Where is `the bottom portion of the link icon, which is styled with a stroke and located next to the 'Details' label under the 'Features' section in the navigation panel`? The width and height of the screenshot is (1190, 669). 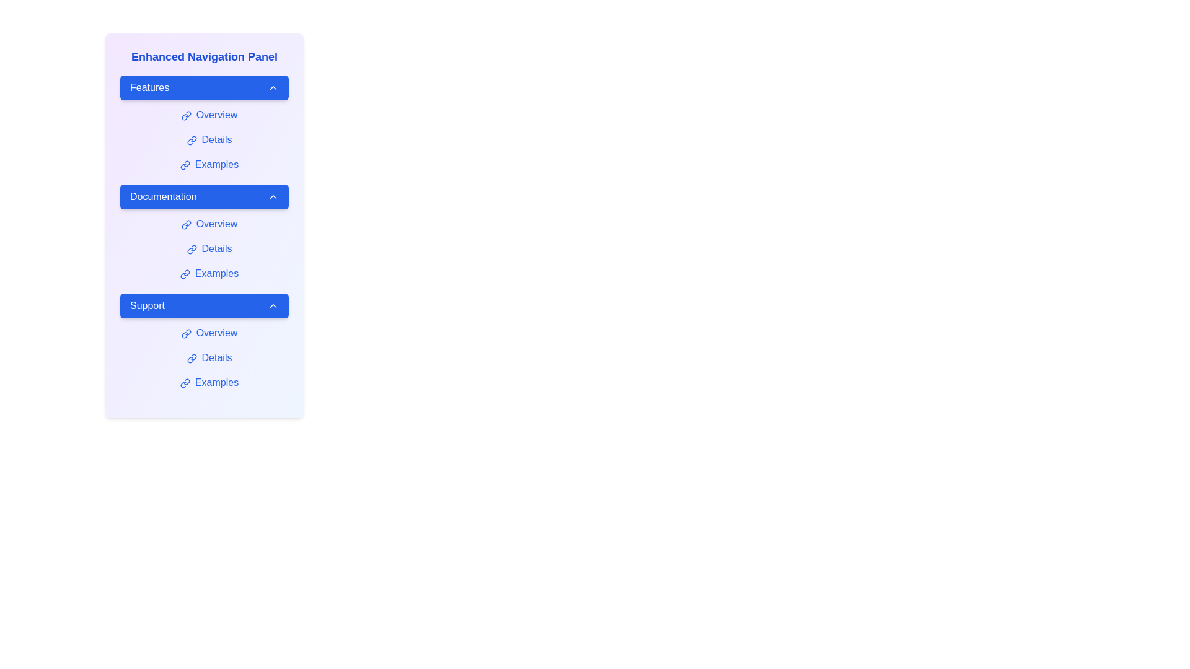
the bottom portion of the link icon, which is styled with a stroke and located next to the 'Details' label under the 'Features' section in the navigation panel is located at coordinates (189, 141).